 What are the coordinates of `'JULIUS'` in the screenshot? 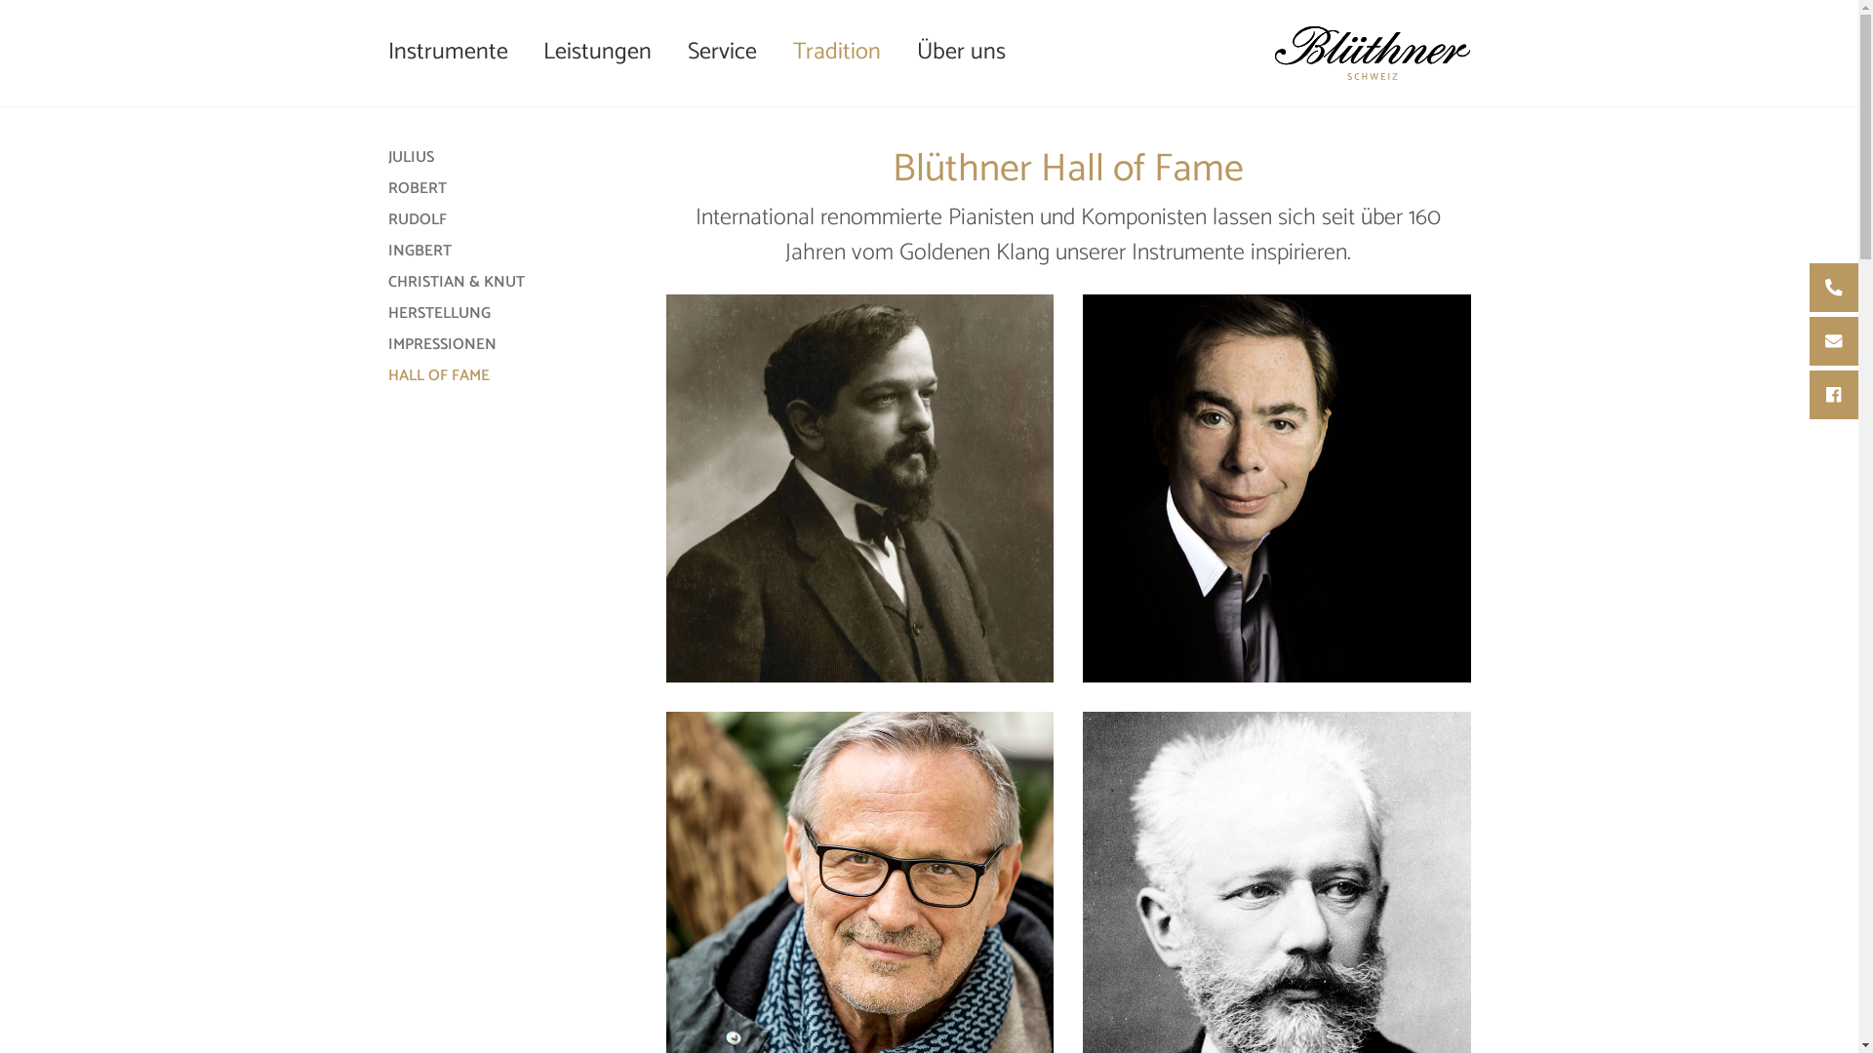 It's located at (410, 156).